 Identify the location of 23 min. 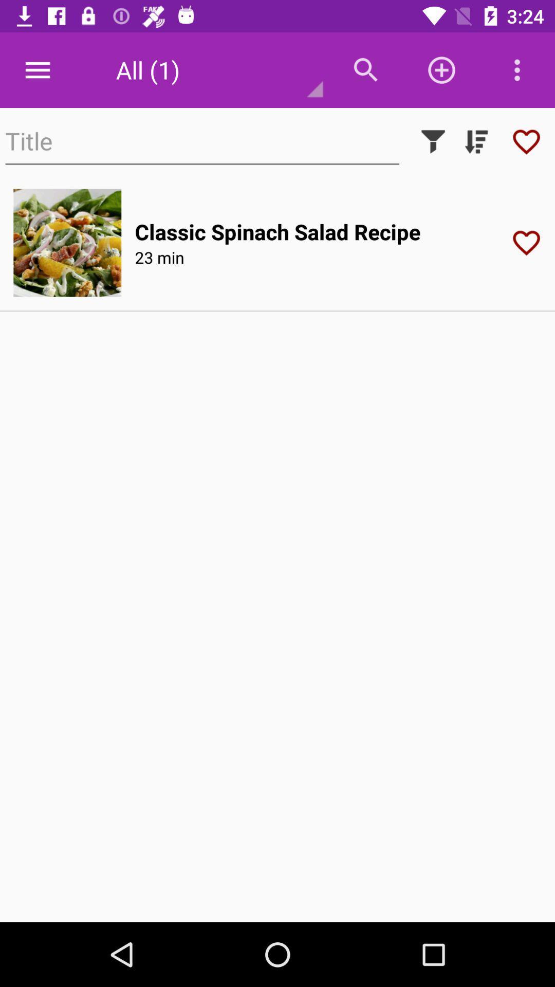
(159, 257).